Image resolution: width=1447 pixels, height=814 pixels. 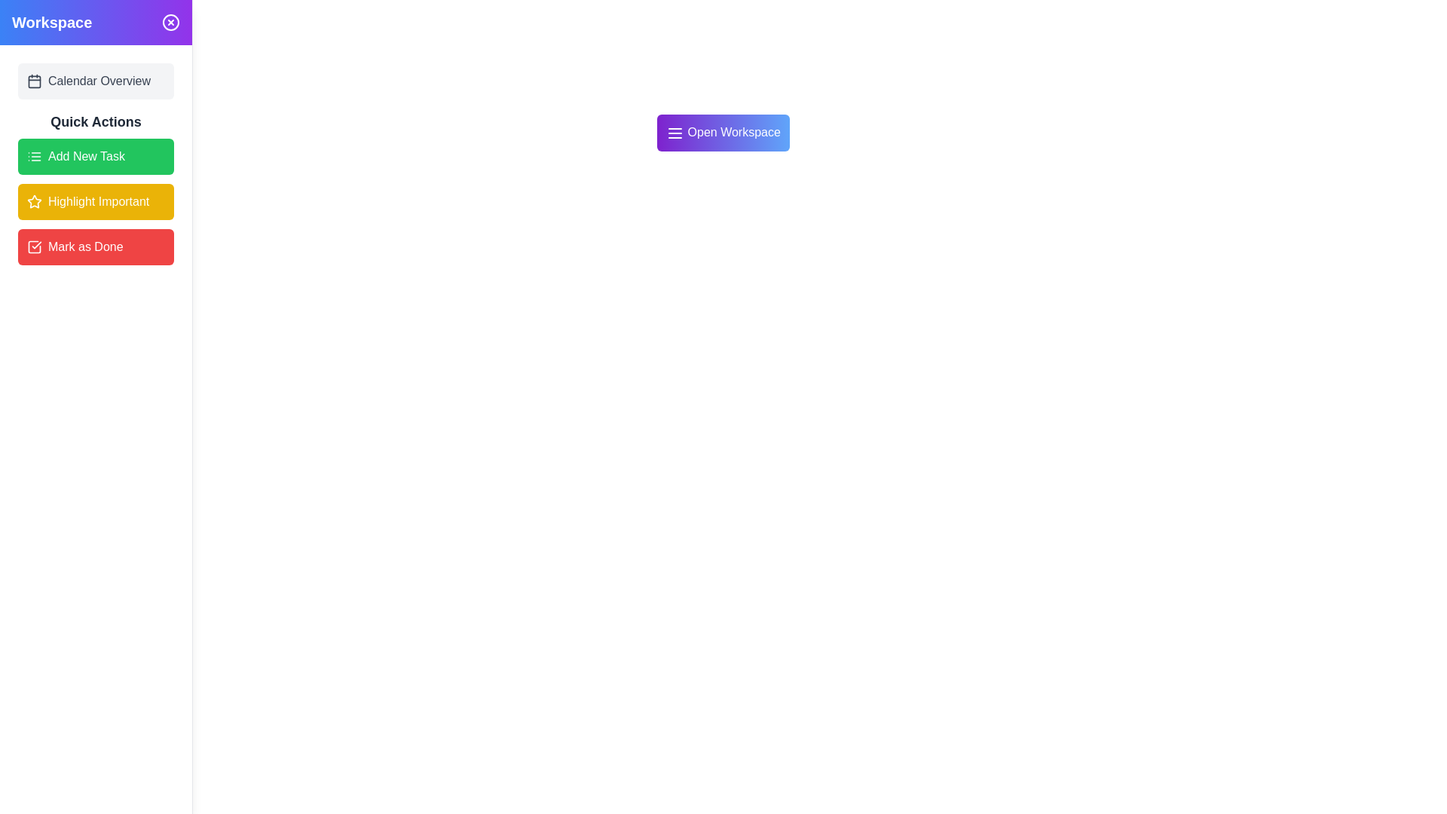 What do you see at coordinates (95, 246) in the screenshot?
I see `the button located at the bottom of the 'Quick Actions' section on the sidebar to mark a task as completed` at bounding box center [95, 246].